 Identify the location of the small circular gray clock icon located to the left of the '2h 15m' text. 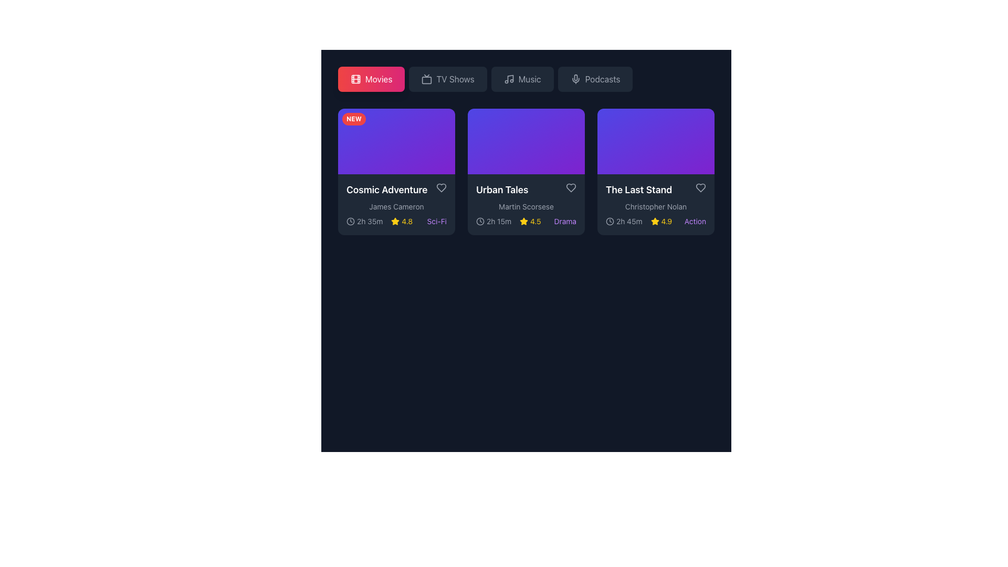
(480, 220).